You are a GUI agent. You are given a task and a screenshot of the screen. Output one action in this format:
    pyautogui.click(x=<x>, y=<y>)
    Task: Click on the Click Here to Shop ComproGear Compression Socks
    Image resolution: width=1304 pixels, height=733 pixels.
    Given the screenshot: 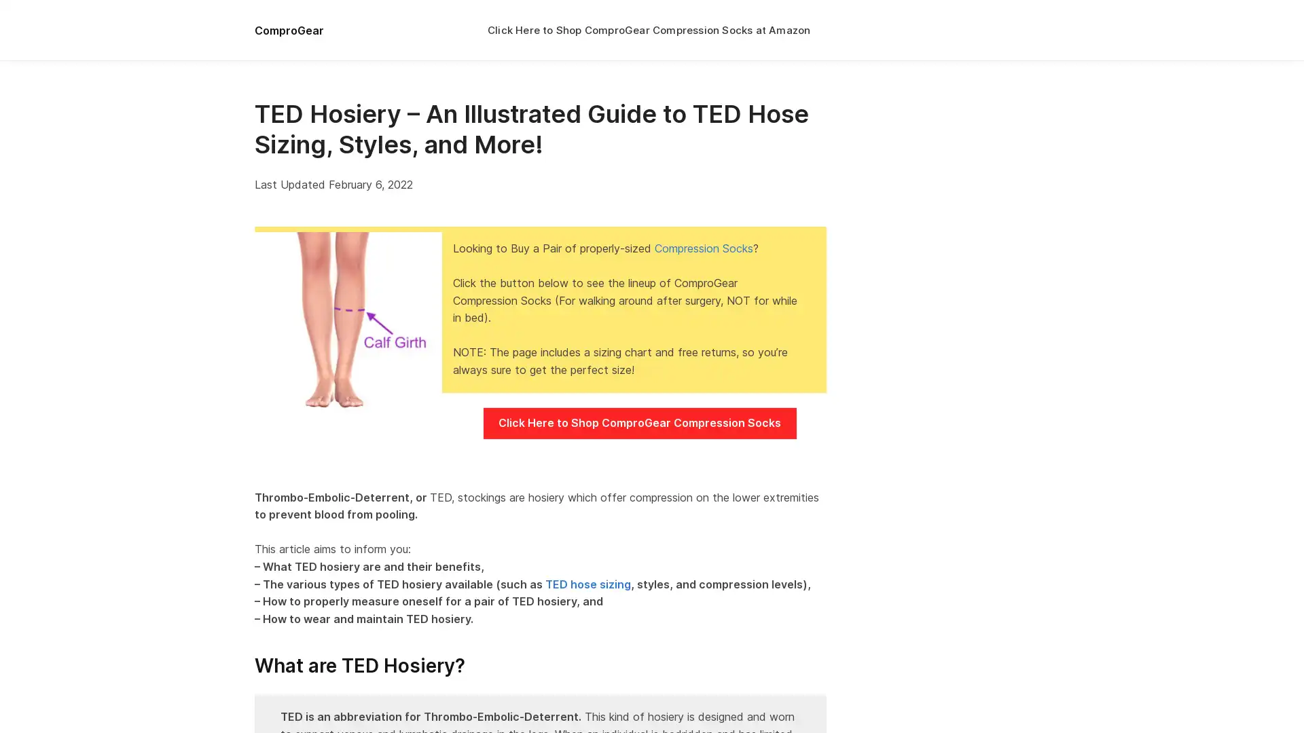 What is the action you would take?
    pyautogui.click(x=634, y=422)
    